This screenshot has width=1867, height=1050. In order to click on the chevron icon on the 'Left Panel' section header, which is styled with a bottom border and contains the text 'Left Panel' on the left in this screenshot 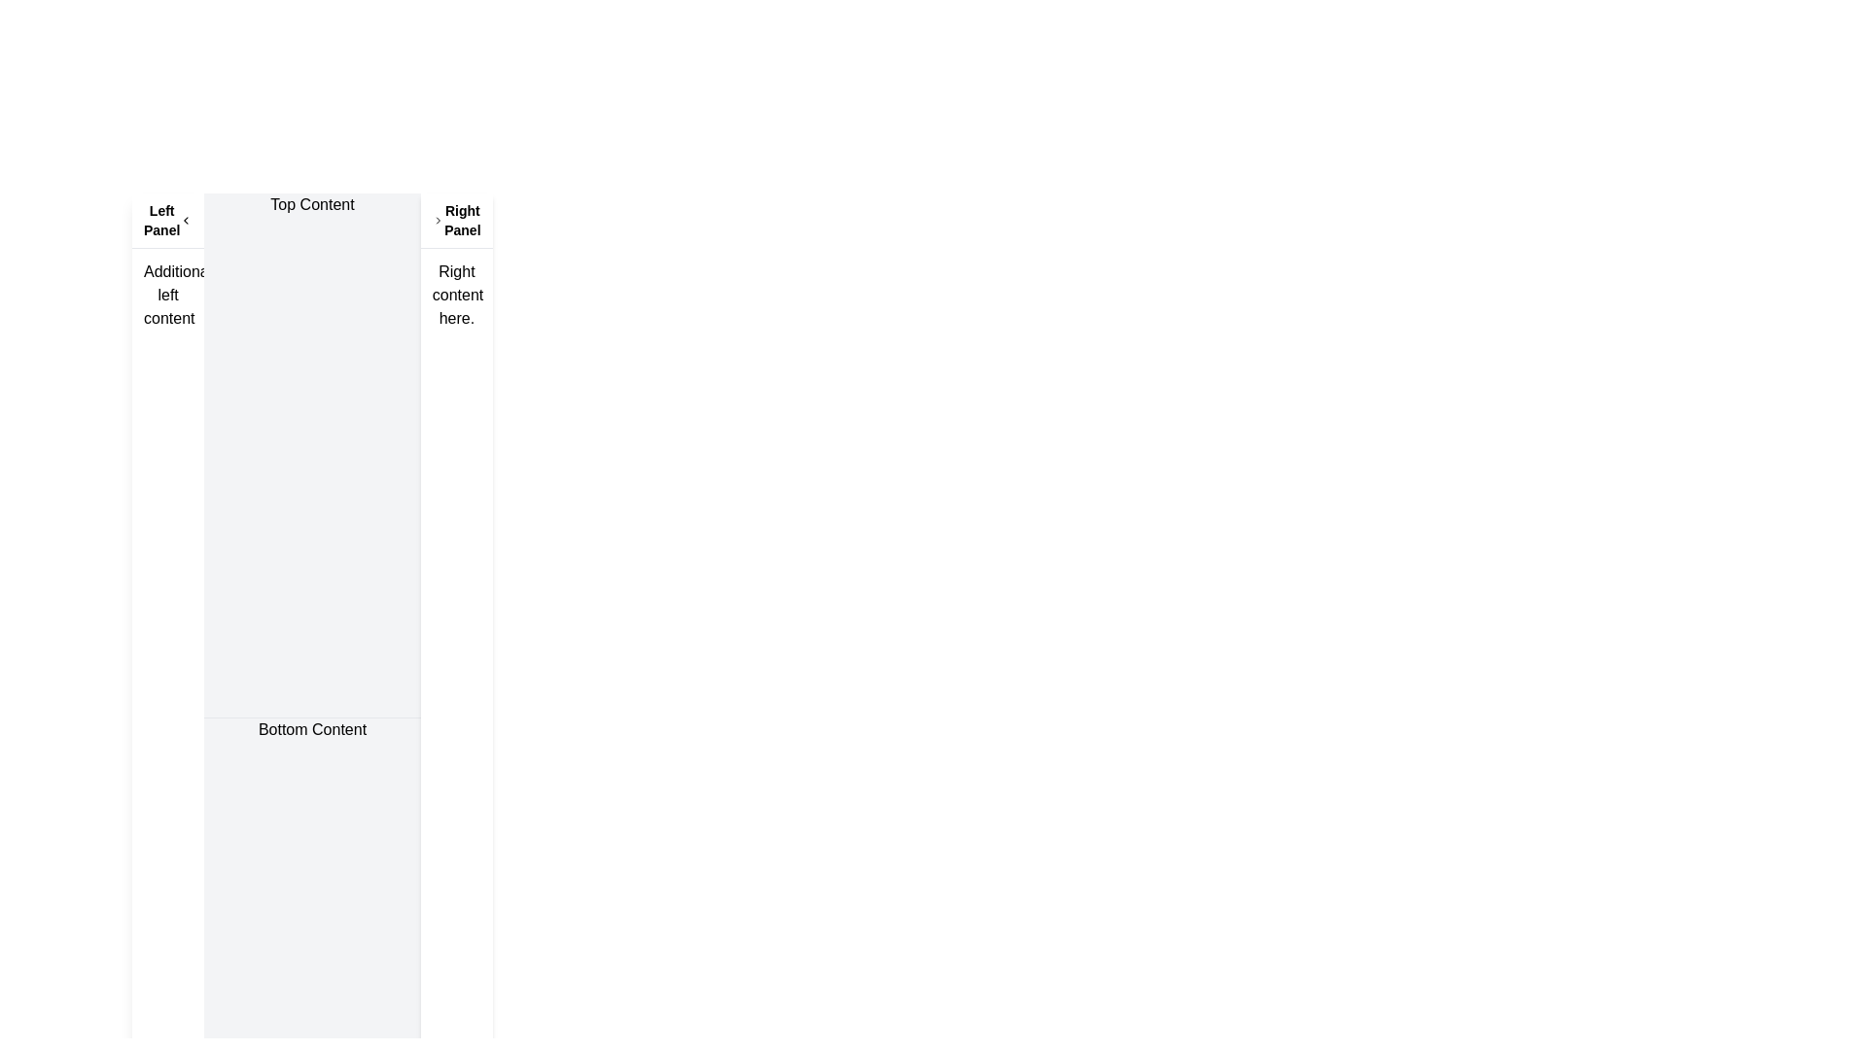, I will do `click(168, 220)`.